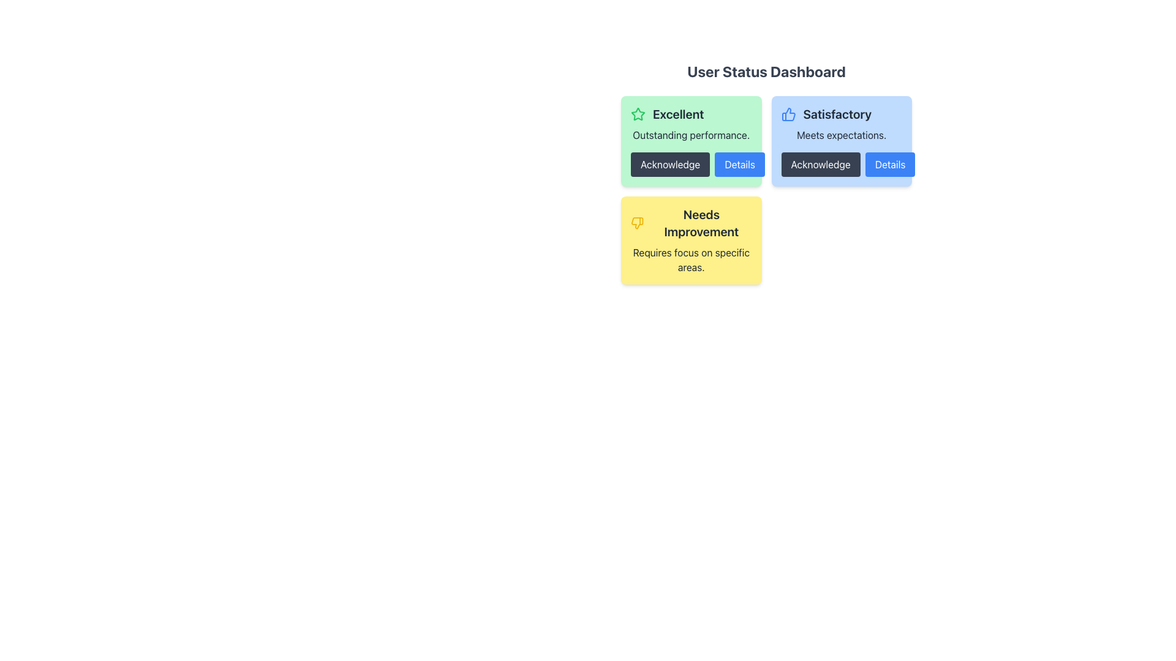 Image resolution: width=1176 pixels, height=661 pixels. I want to click on title of the Heading with Icon that displays 'Satisfactory' next to a blue thumbs-up icon, so click(841, 114).